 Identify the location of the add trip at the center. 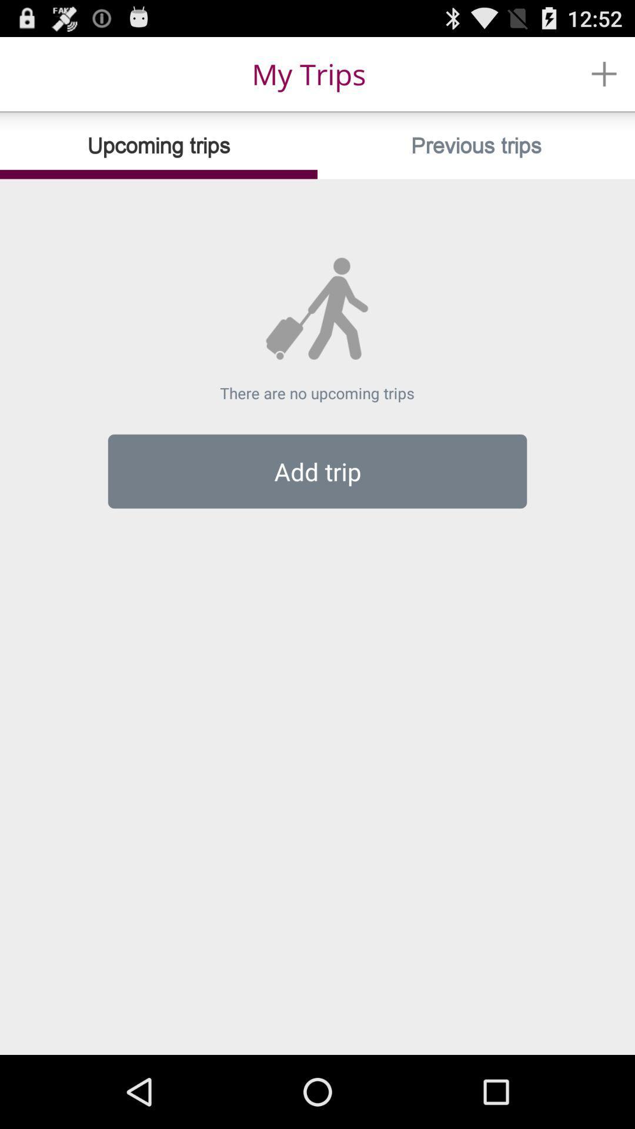
(317, 471).